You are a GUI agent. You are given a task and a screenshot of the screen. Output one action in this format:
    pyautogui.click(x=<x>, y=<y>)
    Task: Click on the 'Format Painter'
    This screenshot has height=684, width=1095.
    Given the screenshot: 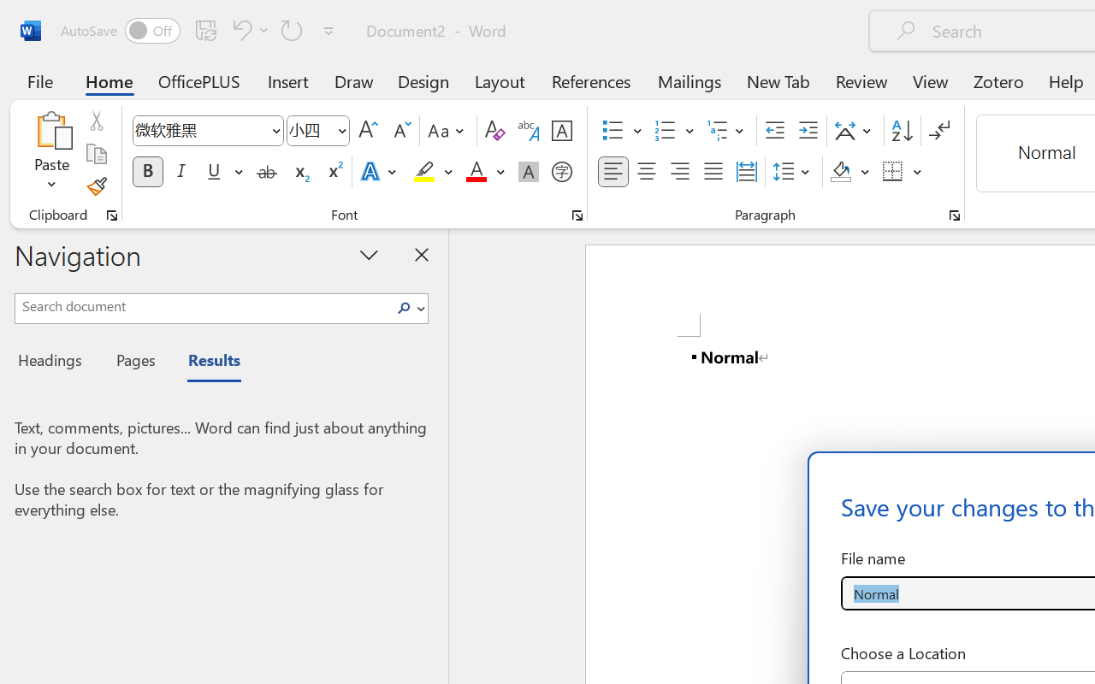 What is the action you would take?
    pyautogui.click(x=95, y=186)
    